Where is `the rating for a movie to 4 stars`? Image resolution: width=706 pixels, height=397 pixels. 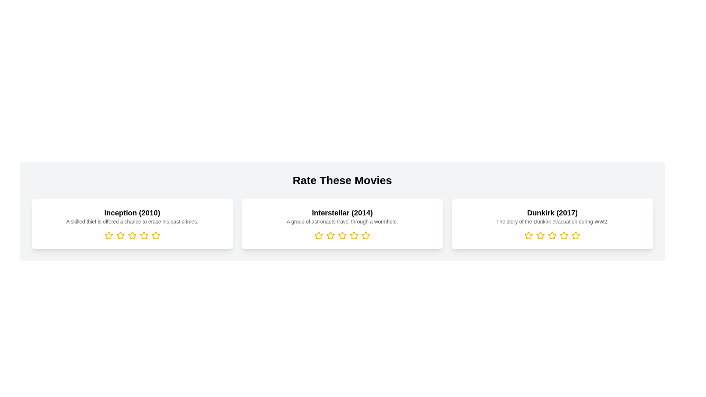 the rating for a movie to 4 stars is located at coordinates (144, 235).